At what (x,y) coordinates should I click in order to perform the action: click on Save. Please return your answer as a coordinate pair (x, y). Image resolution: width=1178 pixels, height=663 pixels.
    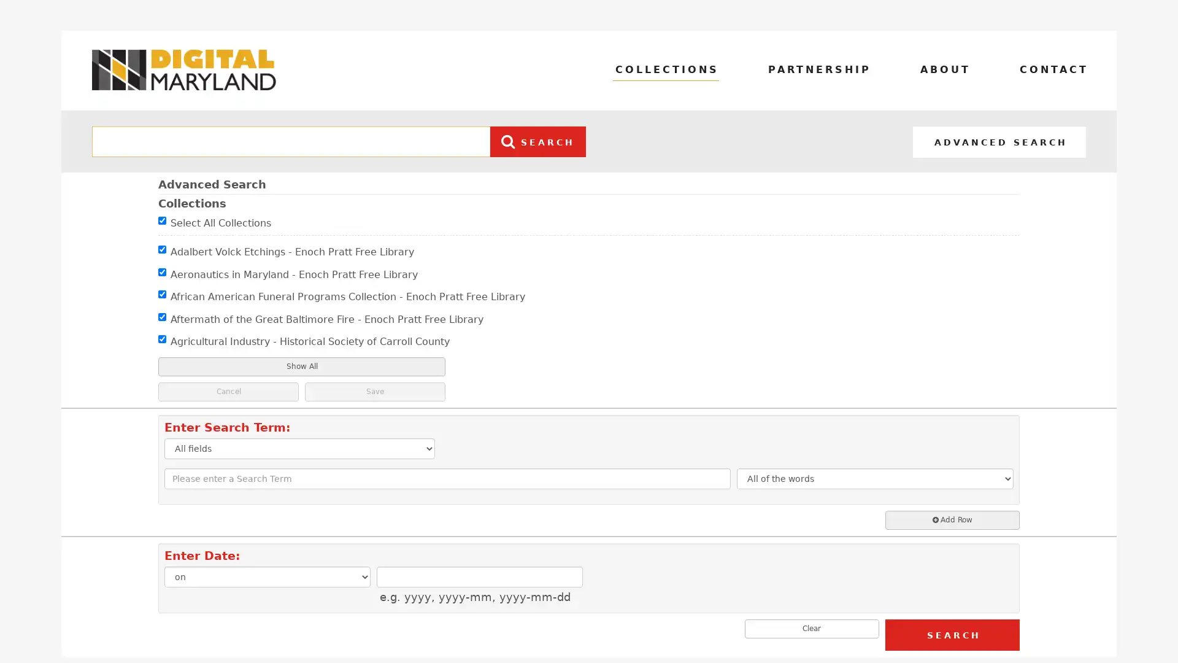
    Looking at the image, I should click on (374, 391).